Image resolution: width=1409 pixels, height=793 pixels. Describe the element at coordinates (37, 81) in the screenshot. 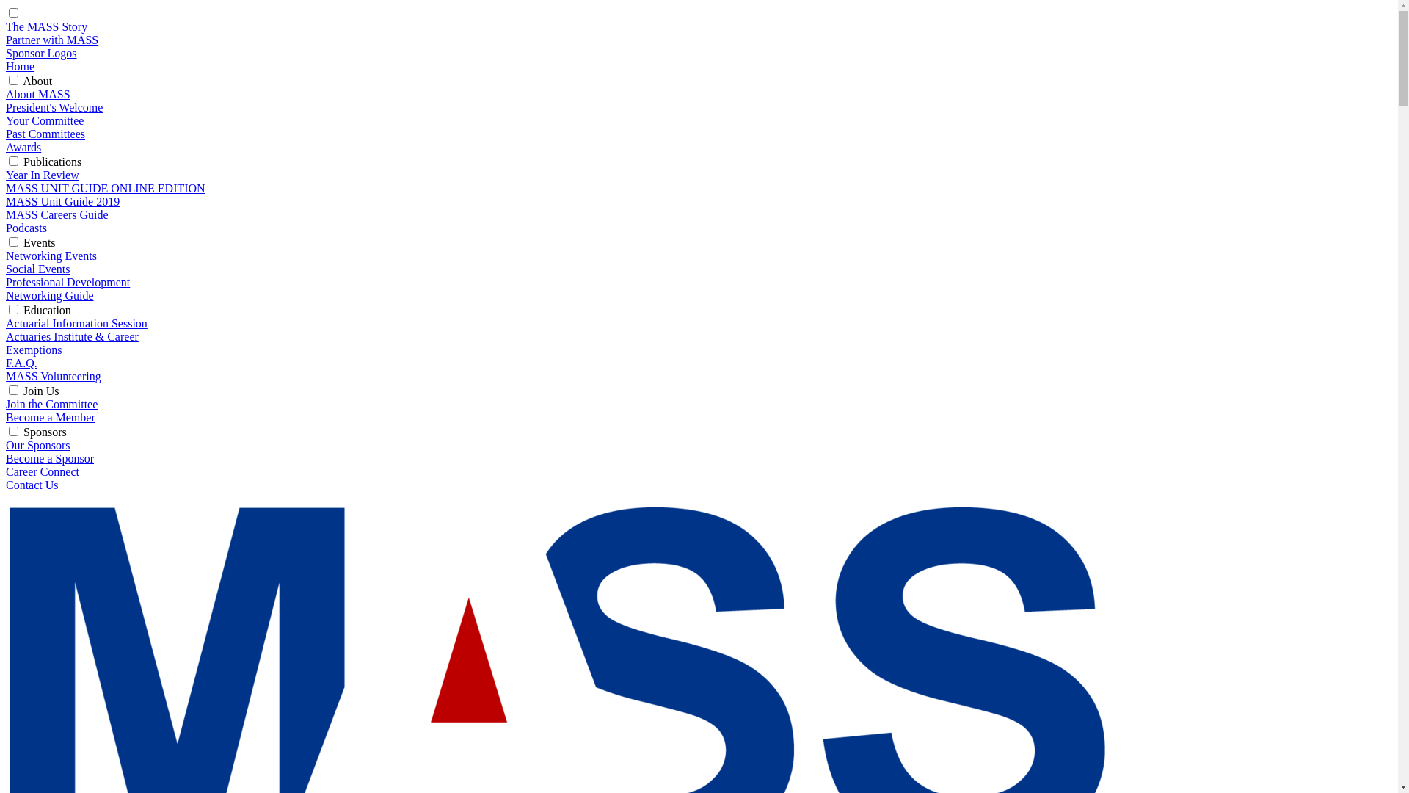

I see `'About'` at that location.